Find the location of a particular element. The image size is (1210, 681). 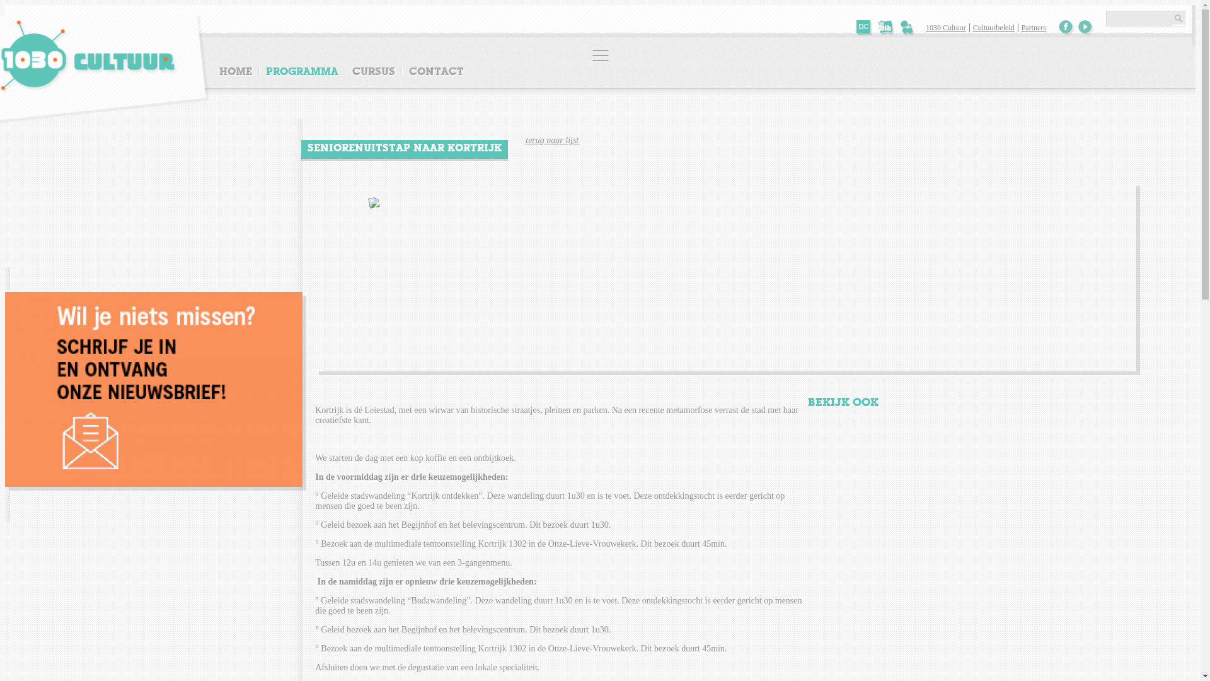

'HOME' is located at coordinates (239, 72).